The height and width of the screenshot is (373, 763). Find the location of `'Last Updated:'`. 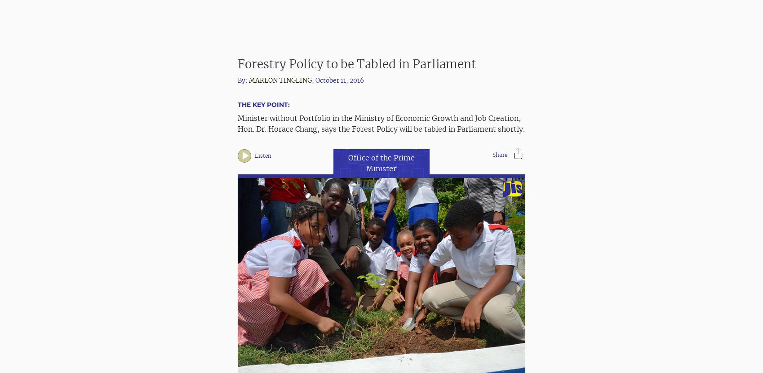

'Last Updated:' is located at coordinates (259, 294).